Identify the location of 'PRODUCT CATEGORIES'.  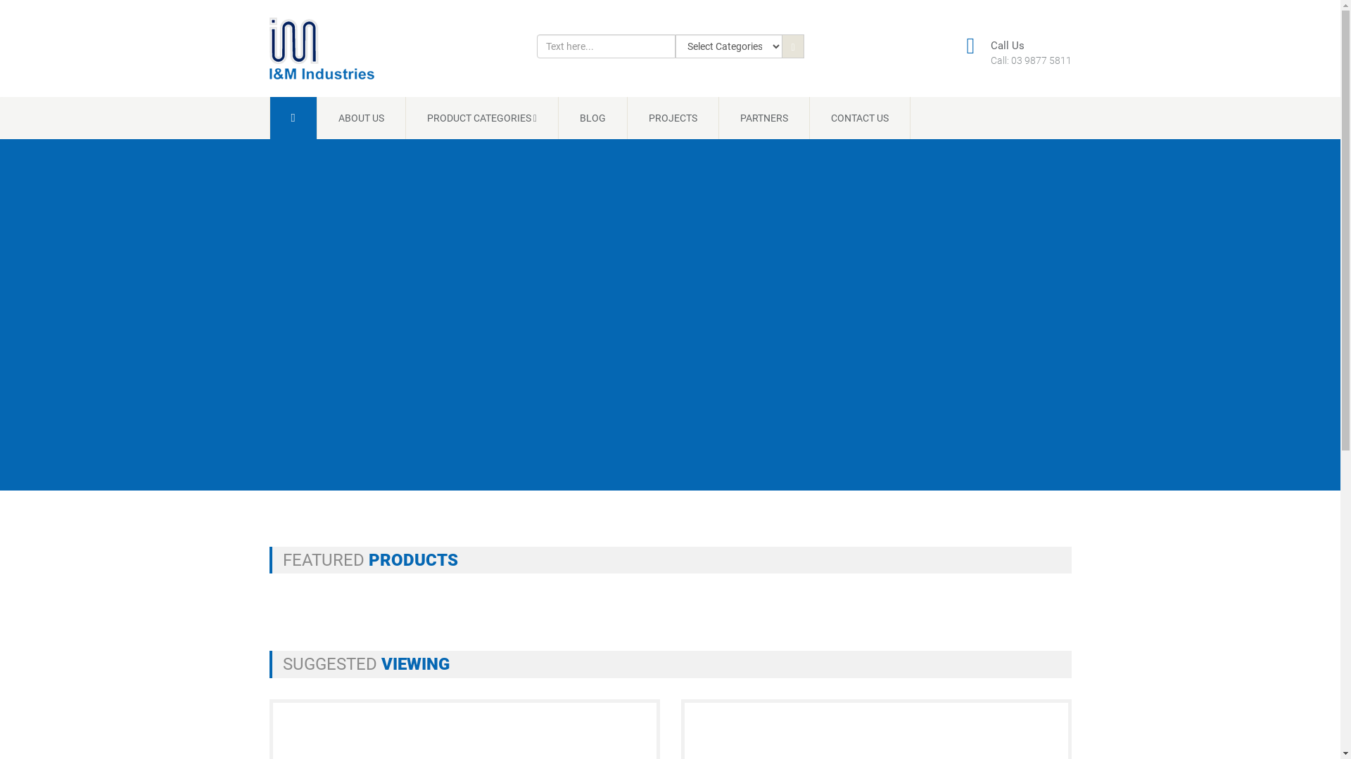
(482, 117).